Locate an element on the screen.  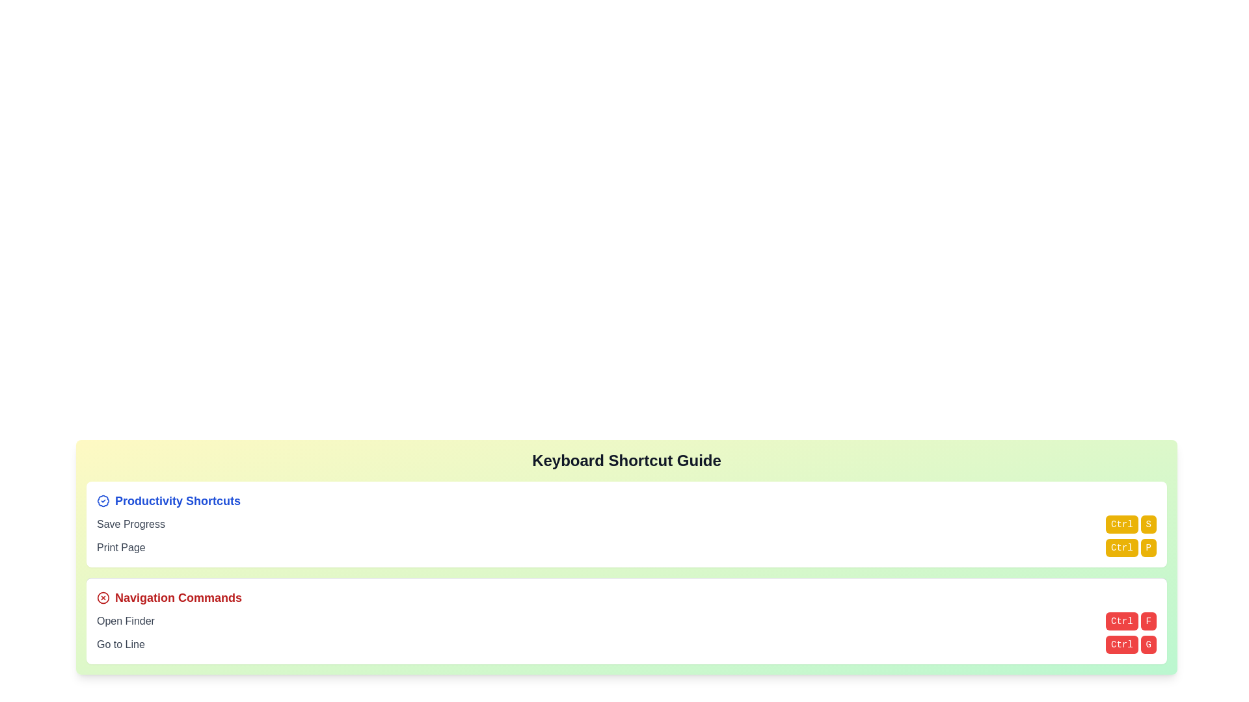
the small square button with a vibrant red background and white 'F' text, located in the bottom-right corner of the second group of shortcuts under the 'Navigation Commands' heading is located at coordinates (1148, 621).